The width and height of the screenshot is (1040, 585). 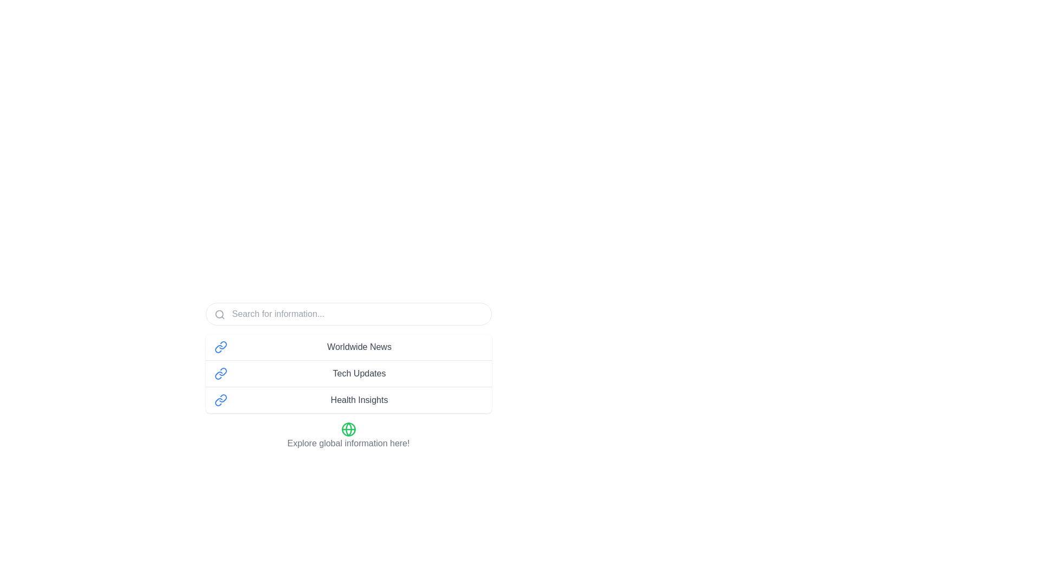 I want to click on the circular globe icon, which is centrally positioned above the text 'Explore global information here!', so click(x=348, y=429).